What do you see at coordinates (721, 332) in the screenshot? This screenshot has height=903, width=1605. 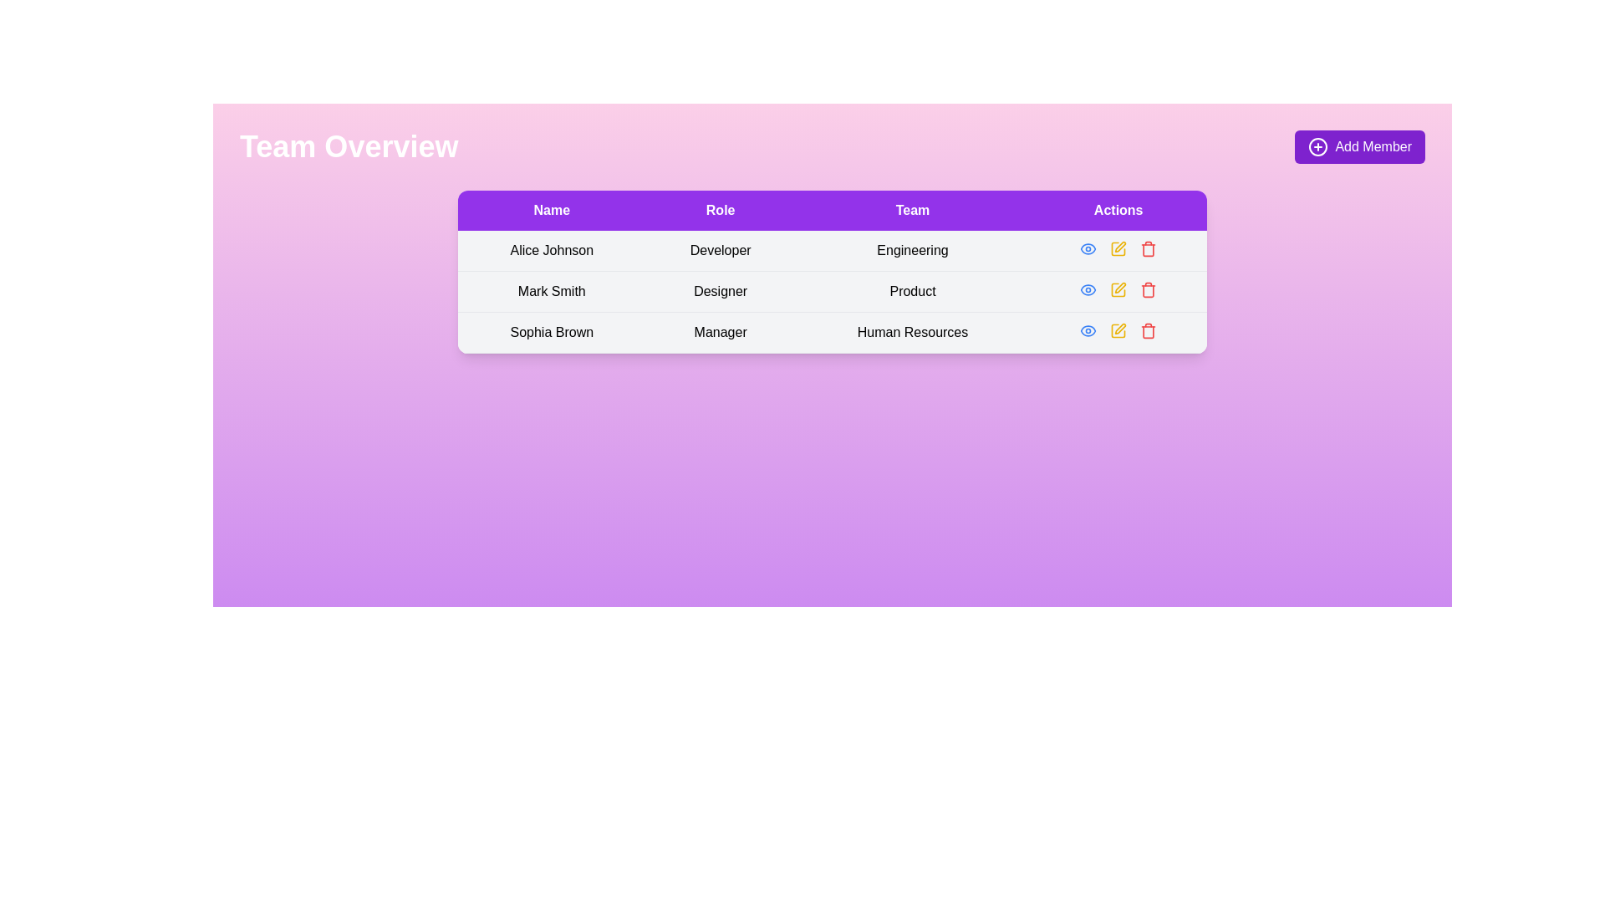 I see `the text label displaying 'Manager' in the Role column of the third row, associated with 'Sophia Brown'` at bounding box center [721, 332].